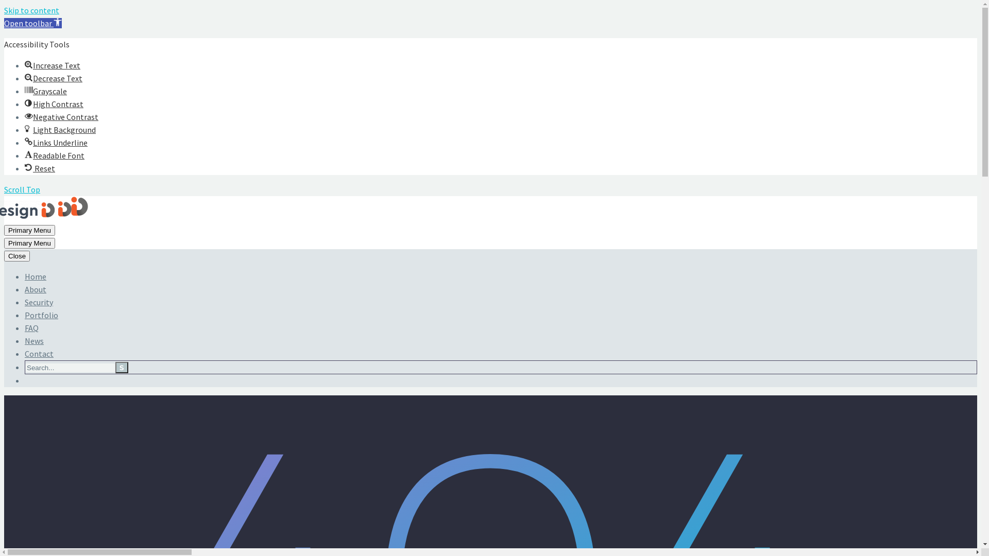 The height and width of the screenshot is (556, 989). I want to click on 'Decrease TextDecrease Text', so click(53, 77).